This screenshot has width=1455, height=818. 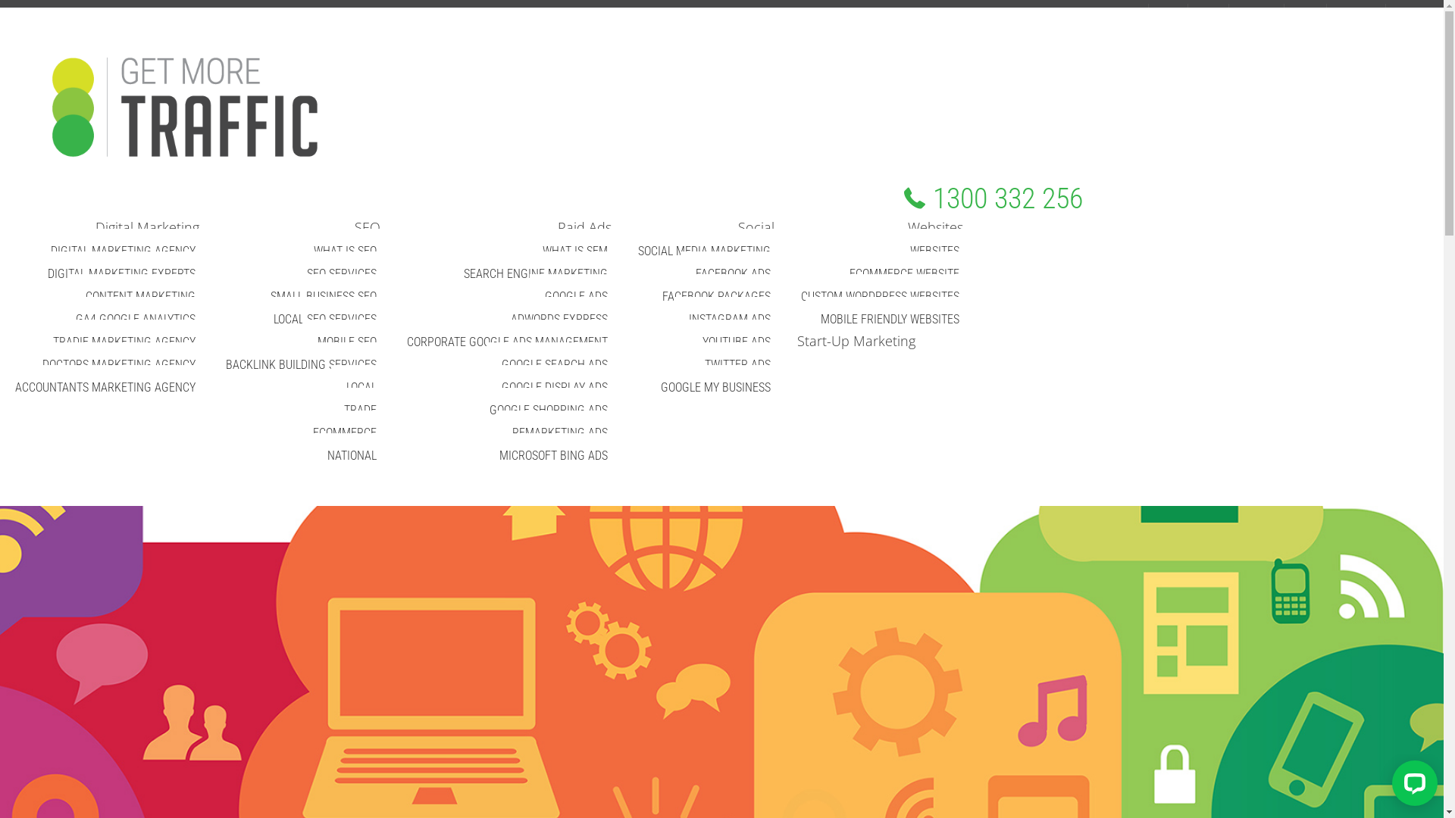 What do you see at coordinates (904, 273) in the screenshot?
I see `'ECOMMERCE WEBSITE'` at bounding box center [904, 273].